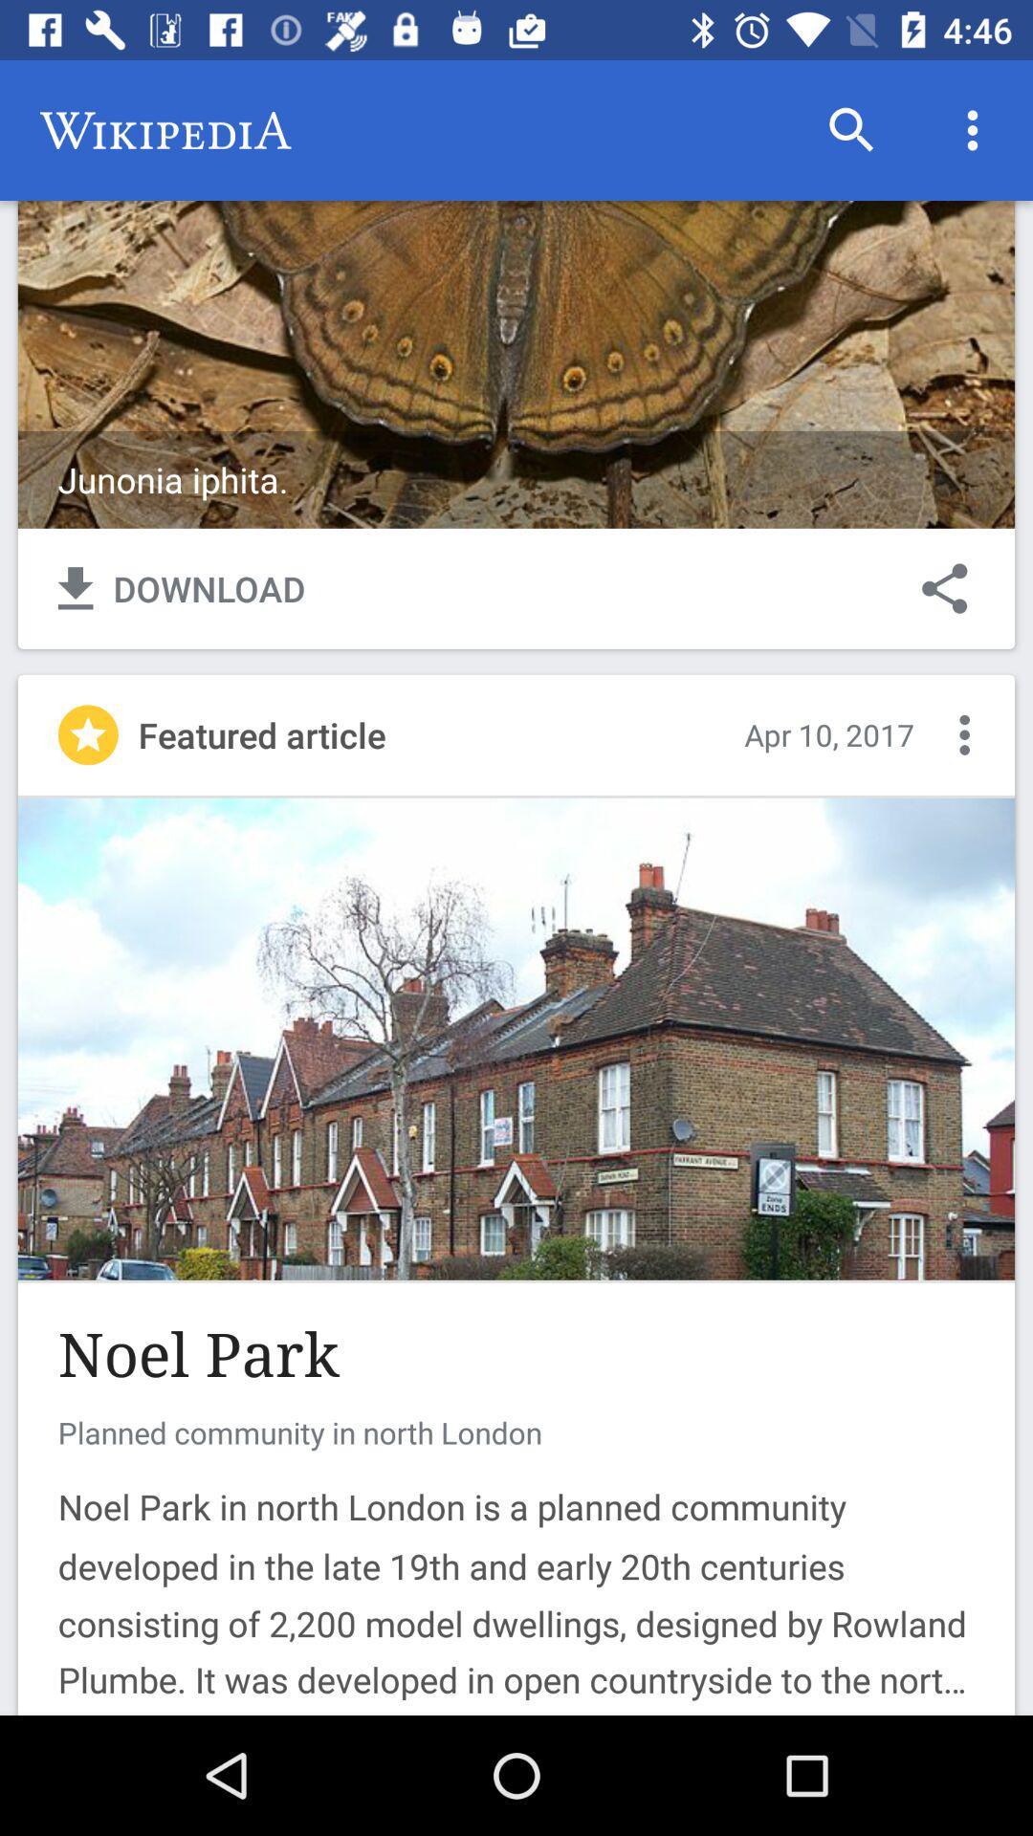 Image resolution: width=1033 pixels, height=1836 pixels. I want to click on the text along with the symbol left to share button, so click(182, 587).